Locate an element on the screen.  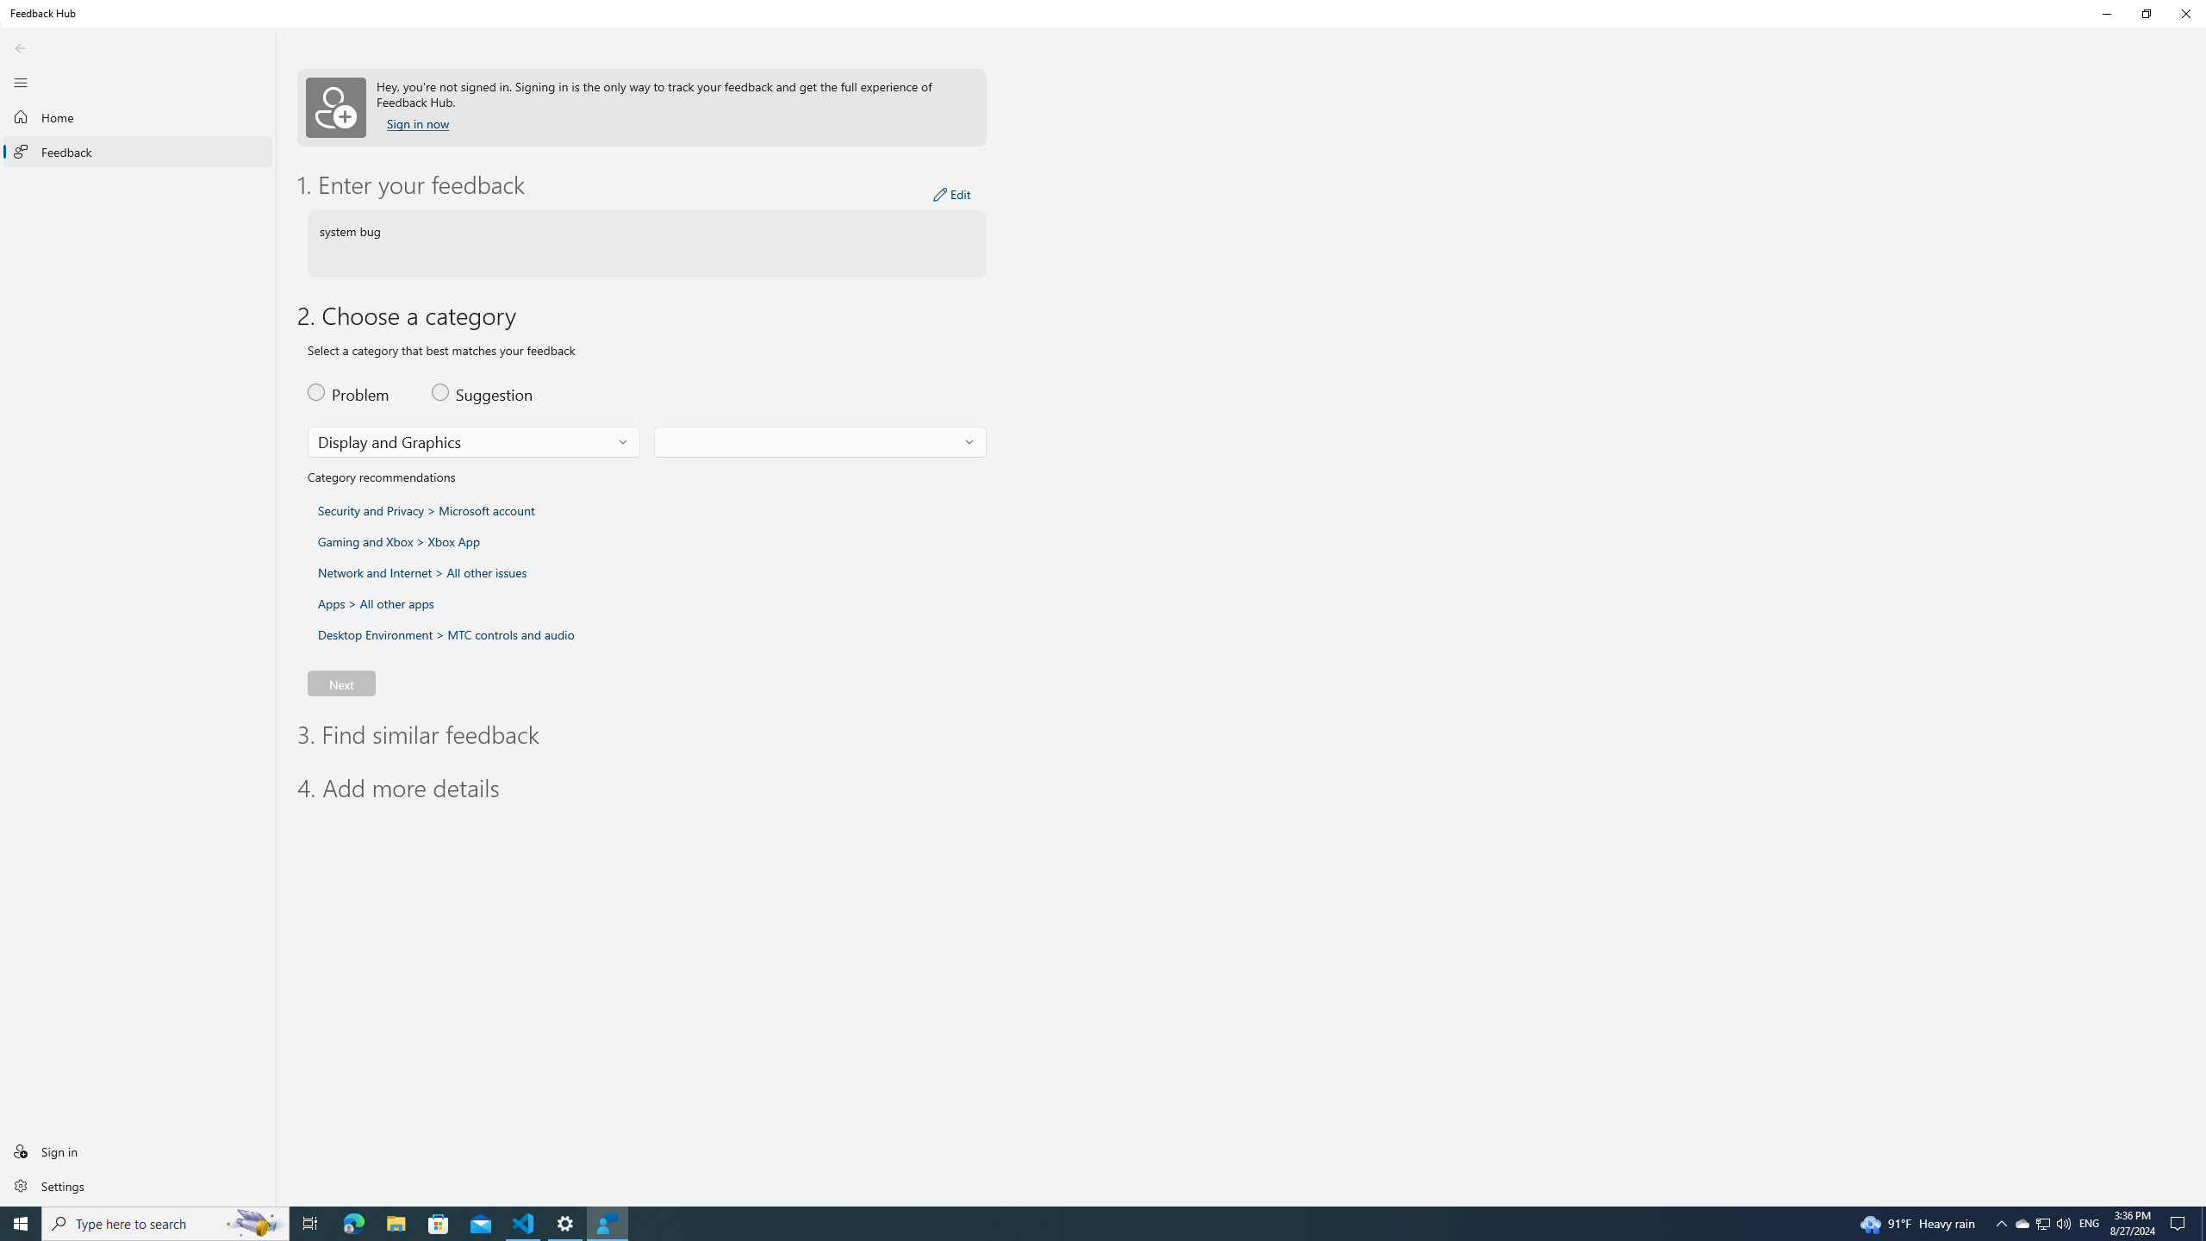
'Vertical Small Increase' is located at coordinates (2199, 1200).